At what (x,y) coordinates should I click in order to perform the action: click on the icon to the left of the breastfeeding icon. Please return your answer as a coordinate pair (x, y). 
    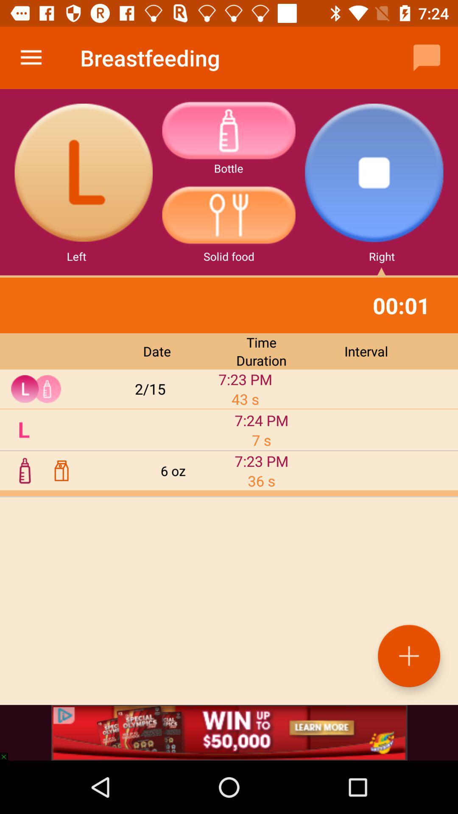
    Looking at the image, I should click on (31, 57).